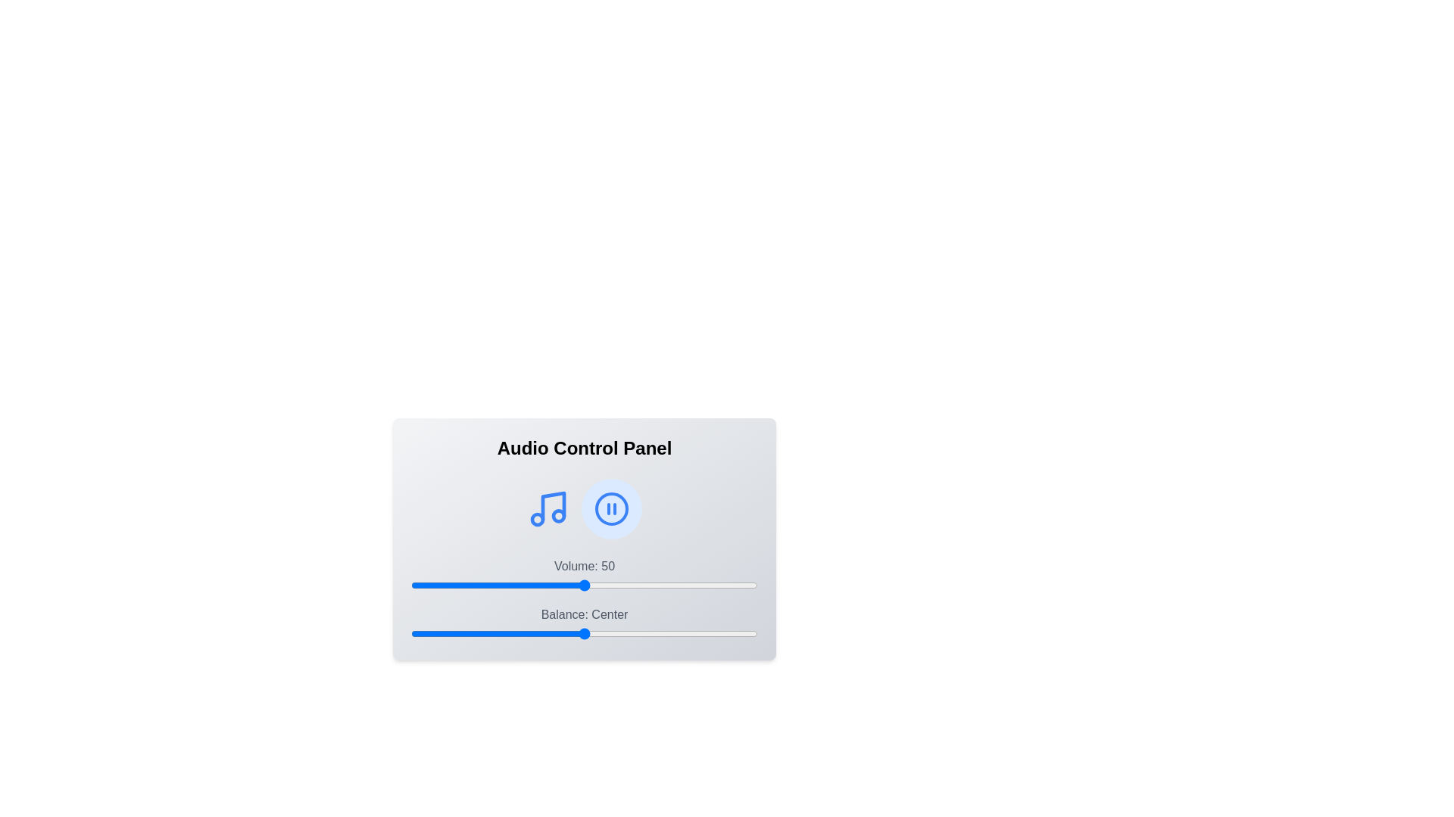 Image resolution: width=1454 pixels, height=817 pixels. What do you see at coordinates (538, 518) in the screenshot?
I see `the decorative circle element within the SVG graphic, which is part of the music note icon located in the left segment of the interface` at bounding box center [538, 518].